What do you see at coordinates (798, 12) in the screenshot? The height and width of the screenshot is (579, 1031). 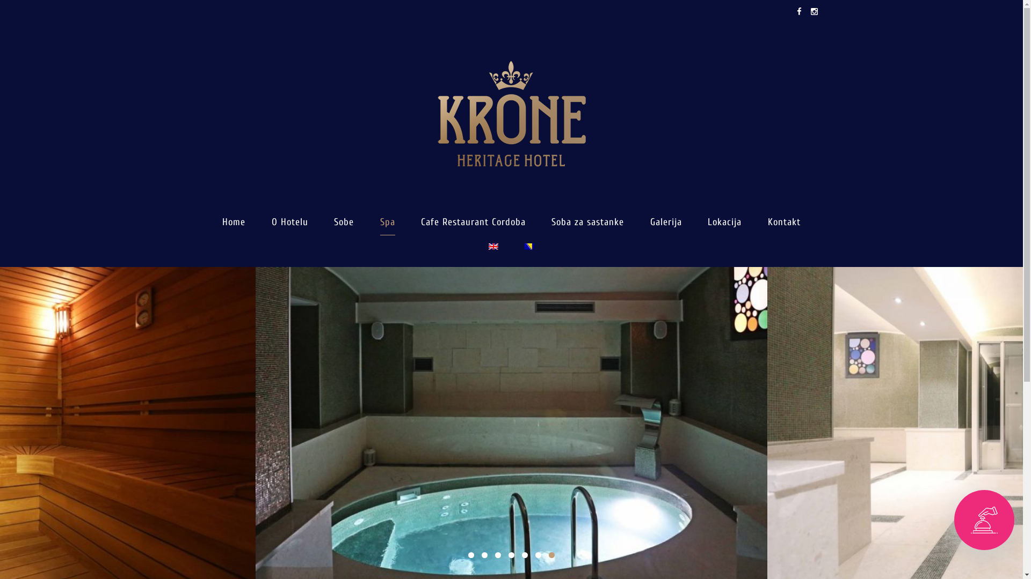 I see `'Facebook'` at bounding box center [798, 12].